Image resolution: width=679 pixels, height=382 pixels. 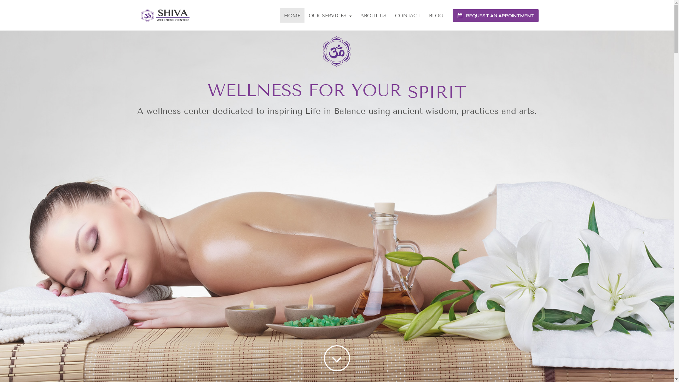 What do you see at coordinates (407, 15) in the screenshot?
I see `'CONTACT'` at bounding box center [407, 15].